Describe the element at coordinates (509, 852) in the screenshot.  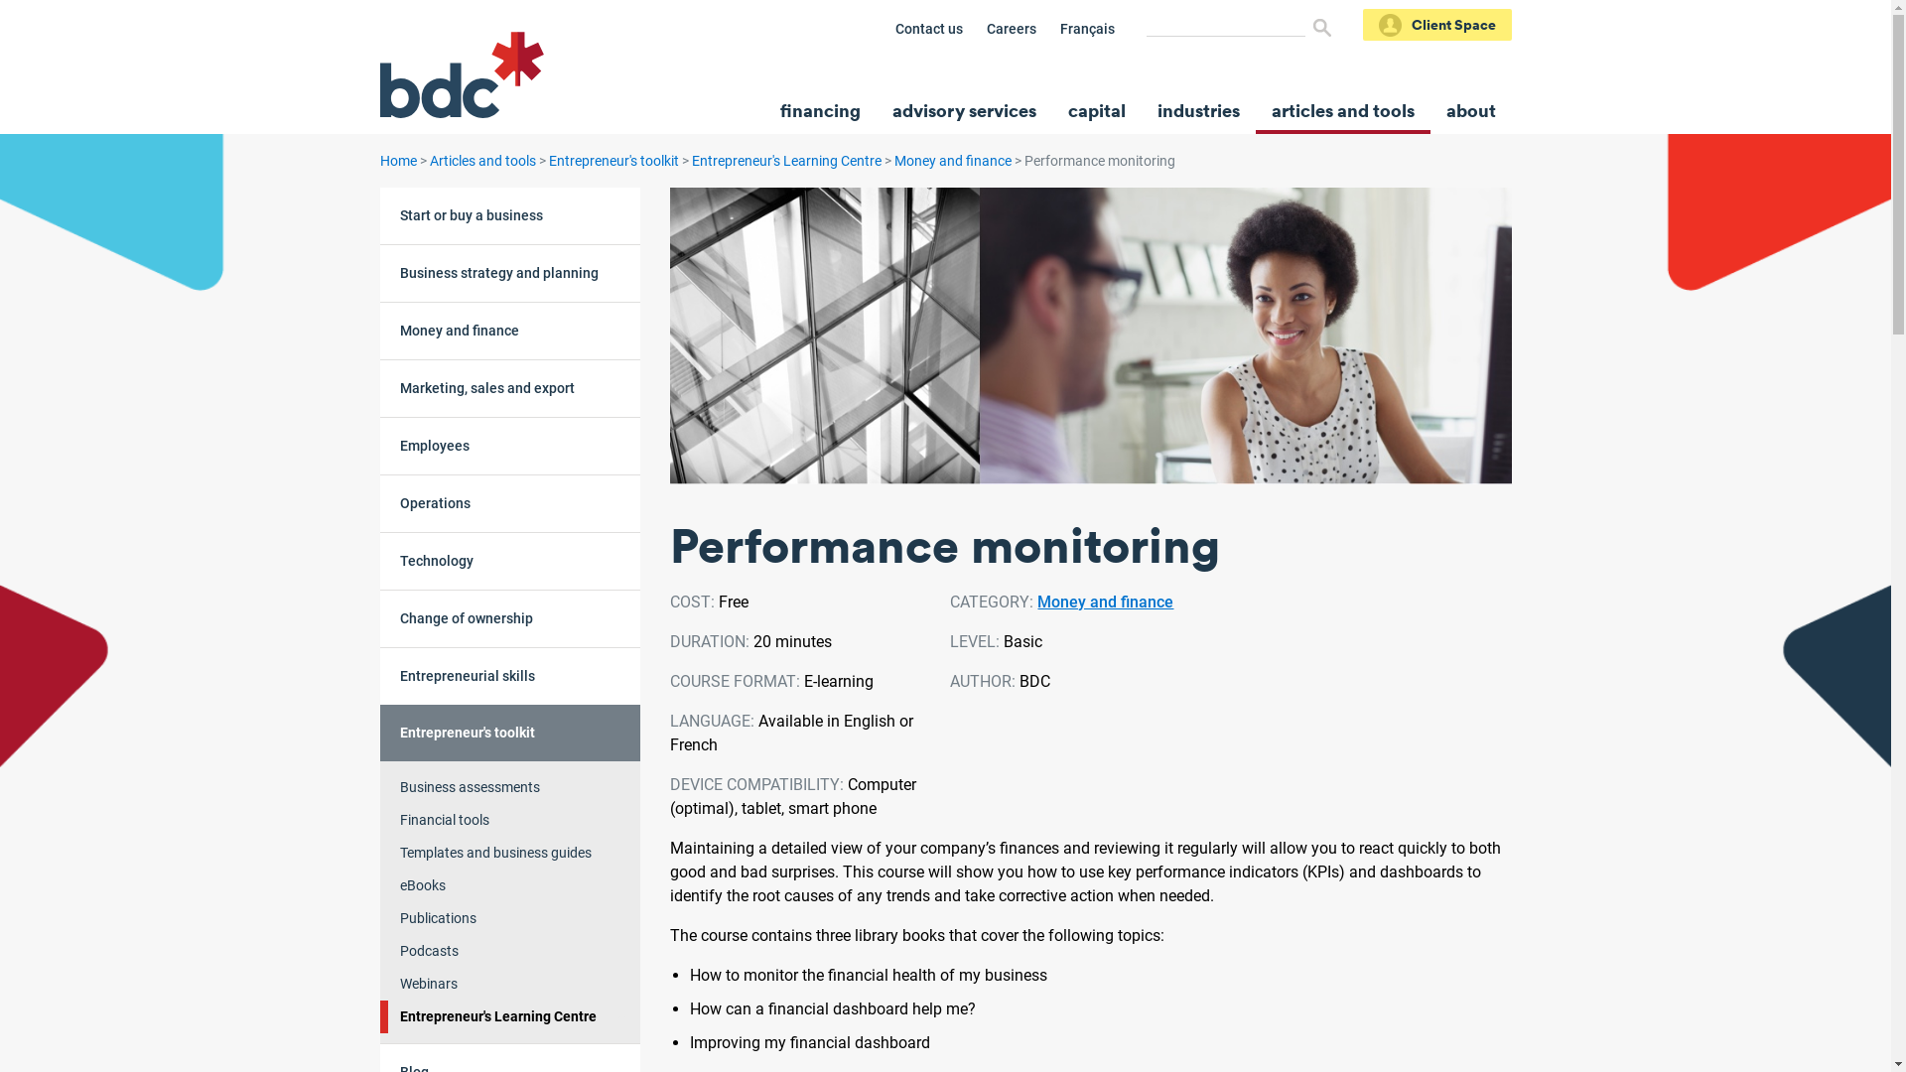
I see `'Templates and business guides'` at that location.